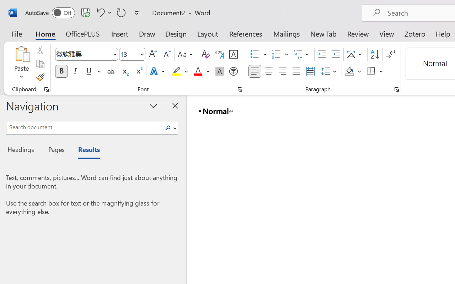 The width and height of the screenshot is (455, 284). What do you see at coordinates (16, 33) in the screenshot?
I see `'File Tab'` at bounding box center [16, 33].